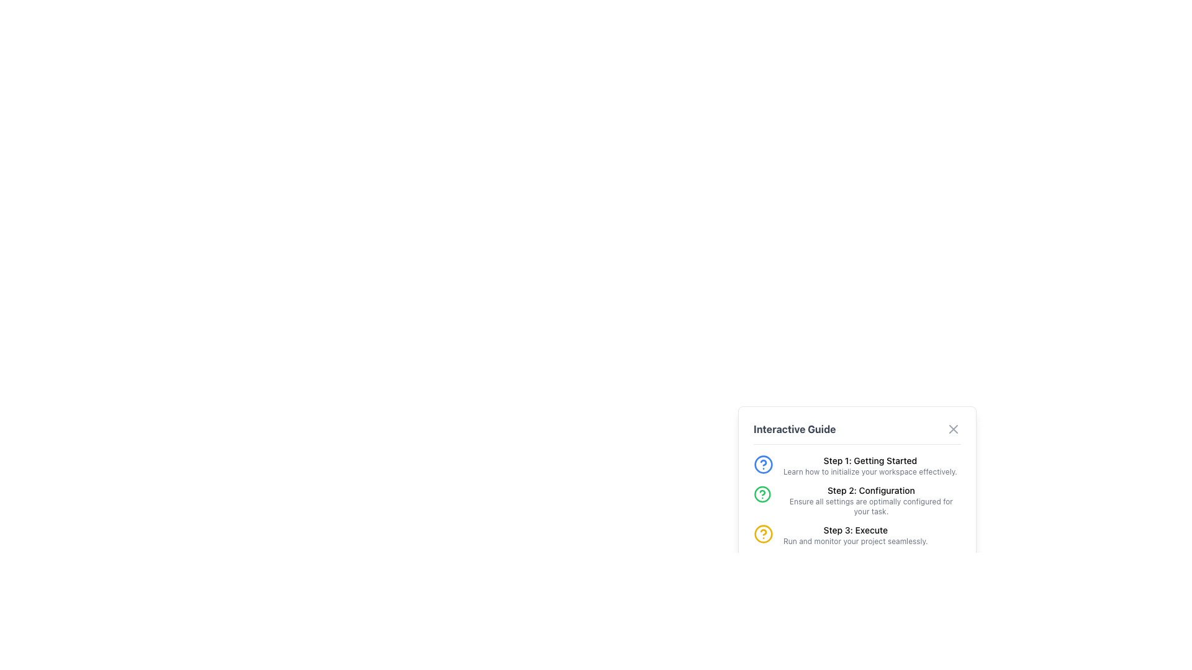  Describe the element at coordinates (762, 533) in the screenshot. I see `the circular icon with a question mark in the center, which has a yellow outline and is part of the 'Interactive Guide' modal, representing 'Step 3: Execute'` at that location.